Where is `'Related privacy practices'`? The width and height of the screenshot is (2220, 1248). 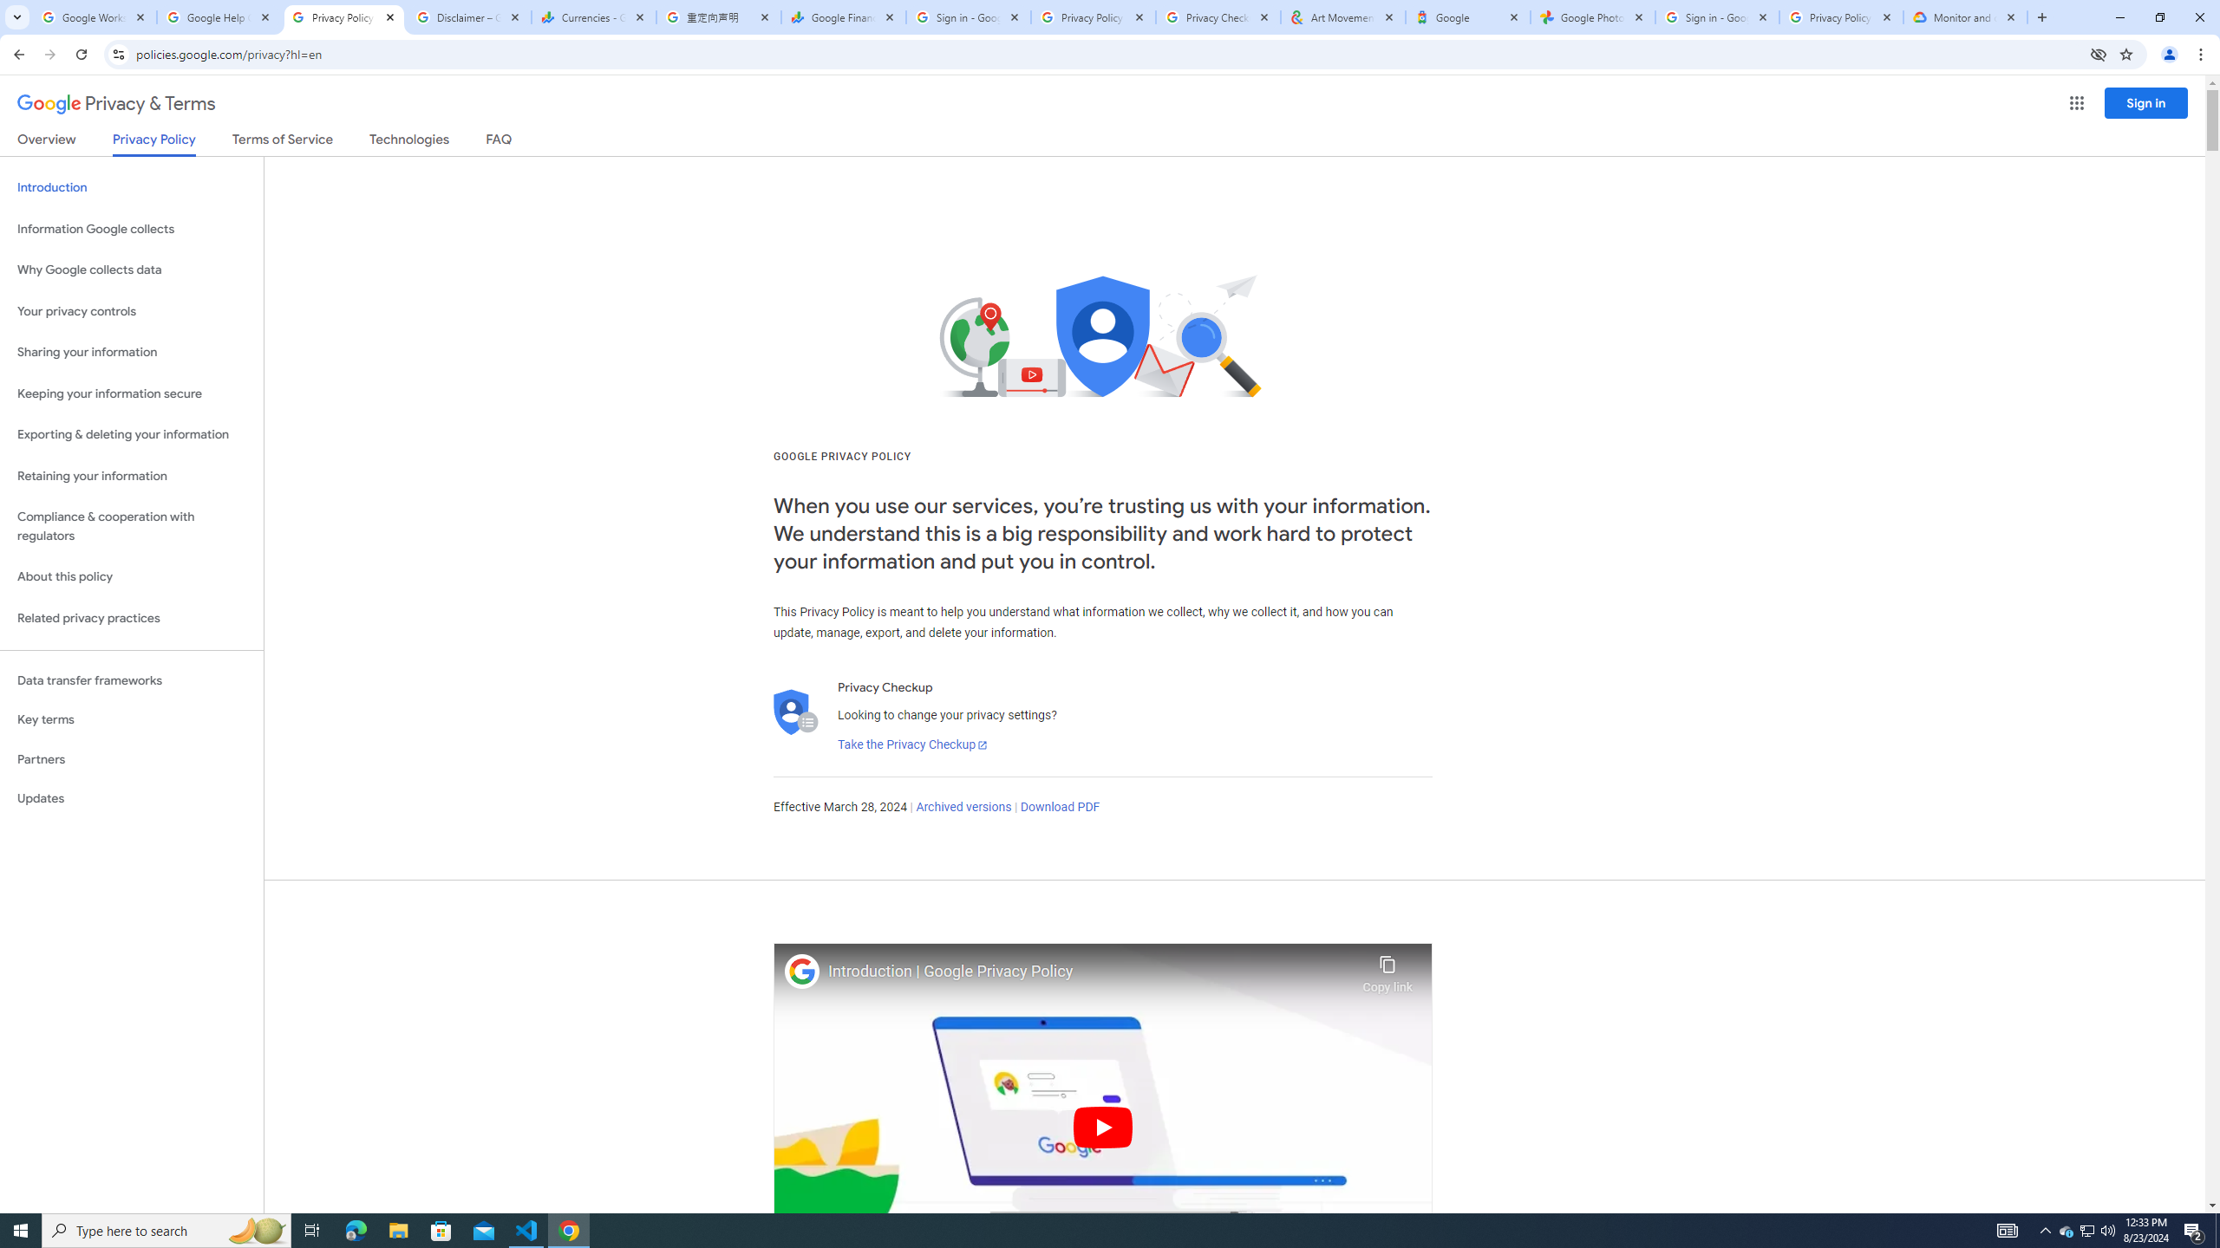
'Related privacy practices' is located at coordinates (131, 617).